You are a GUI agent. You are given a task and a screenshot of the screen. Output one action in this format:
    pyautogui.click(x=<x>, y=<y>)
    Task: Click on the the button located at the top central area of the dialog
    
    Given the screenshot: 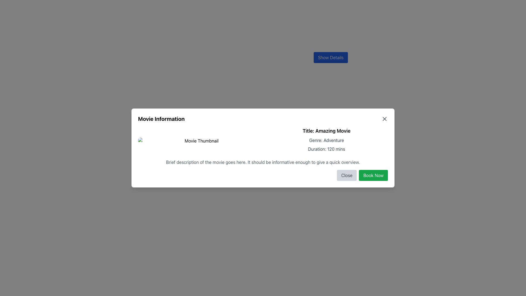 What is the action you would take?
    pyautogui.click(x=330, y=57)
    